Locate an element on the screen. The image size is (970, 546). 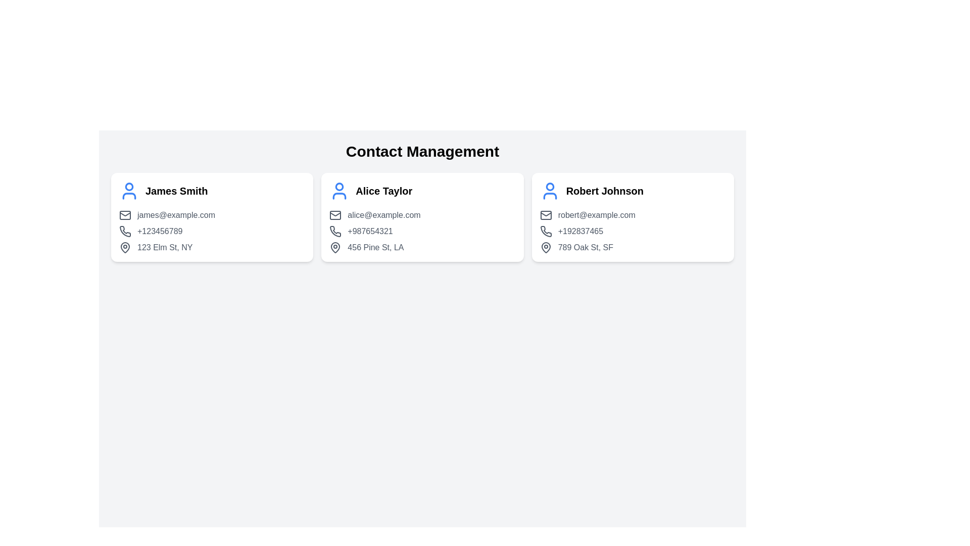
the map pin icon located to the left of the address '456 Pine St, LA' in the contact card of 'Alice Taylor' to associate it with the accompanying address is located at coordinates (335, 247).